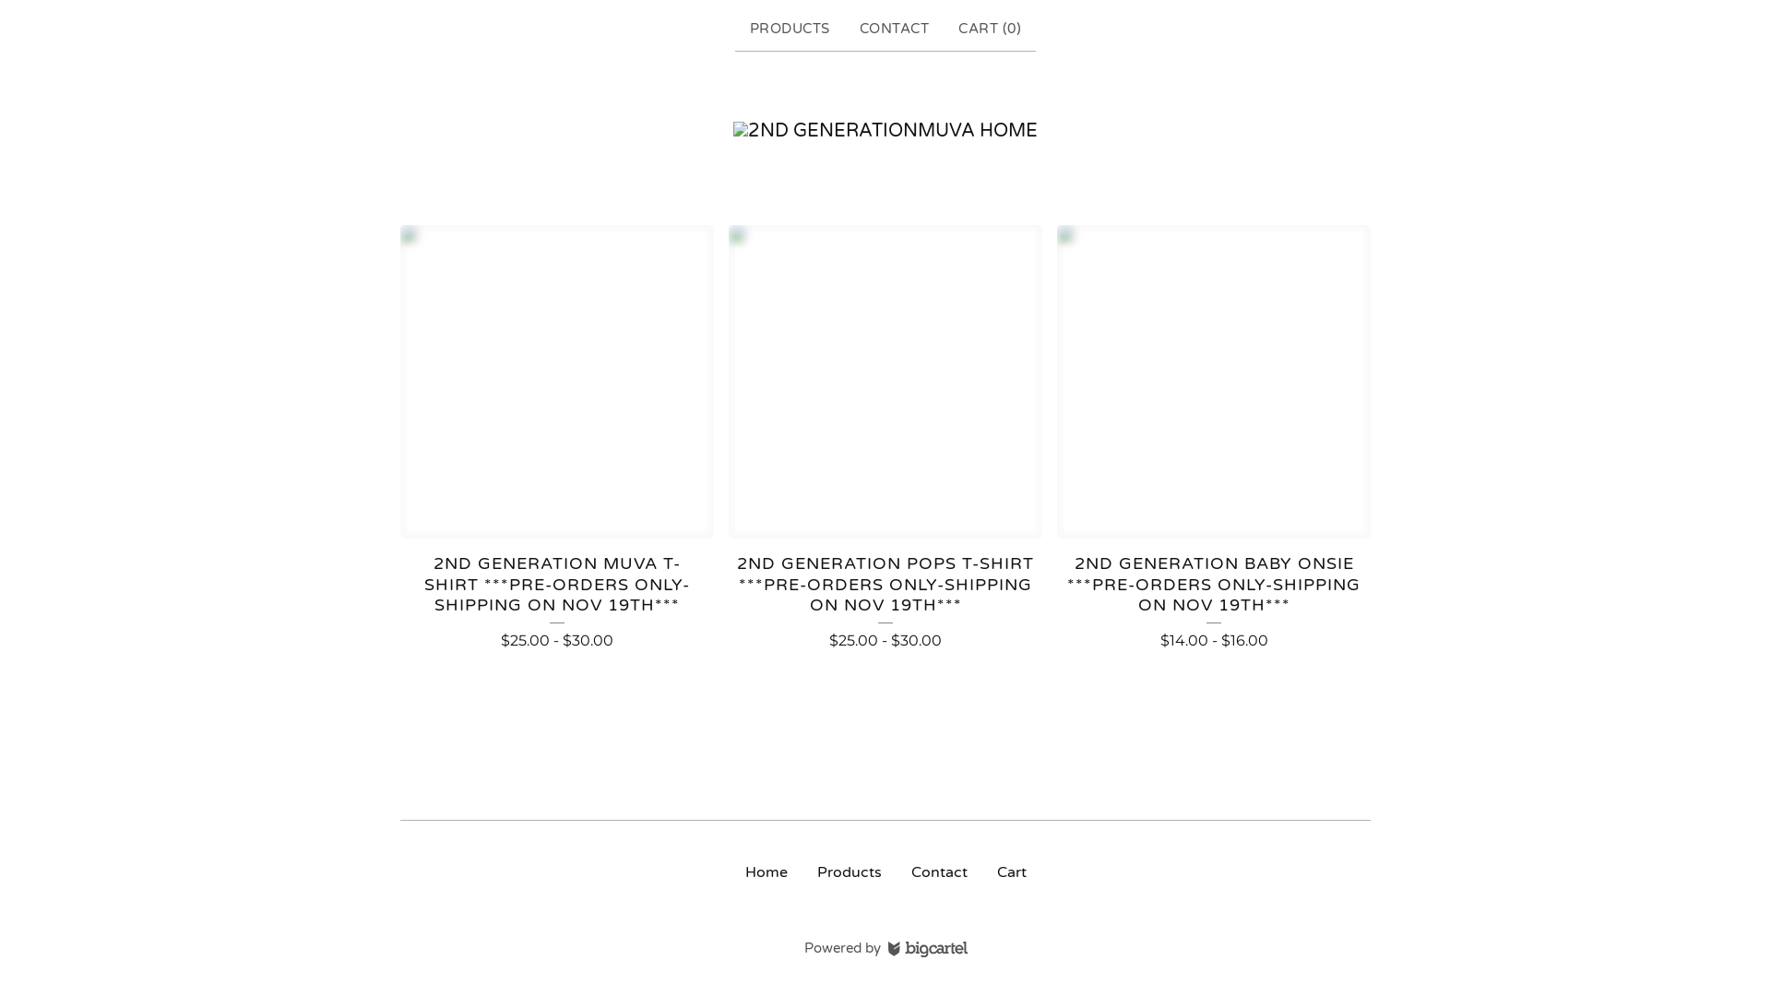 This screenshot has height=996, width=1771. Describe the element at coordinates (766, 871) in the screenshot. I see `'Home'` at that location.